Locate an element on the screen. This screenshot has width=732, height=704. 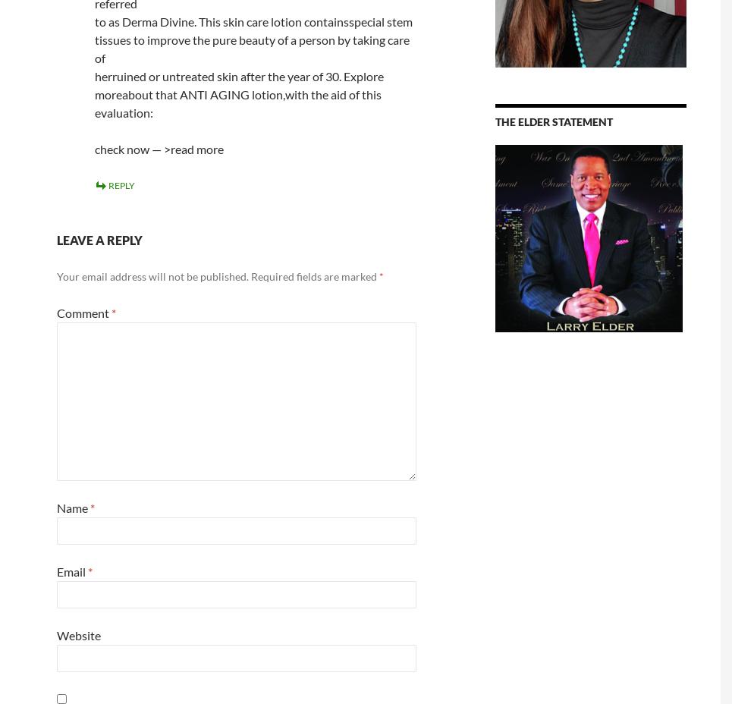
'The Elder Statement' is located at coordinates (495, 121).